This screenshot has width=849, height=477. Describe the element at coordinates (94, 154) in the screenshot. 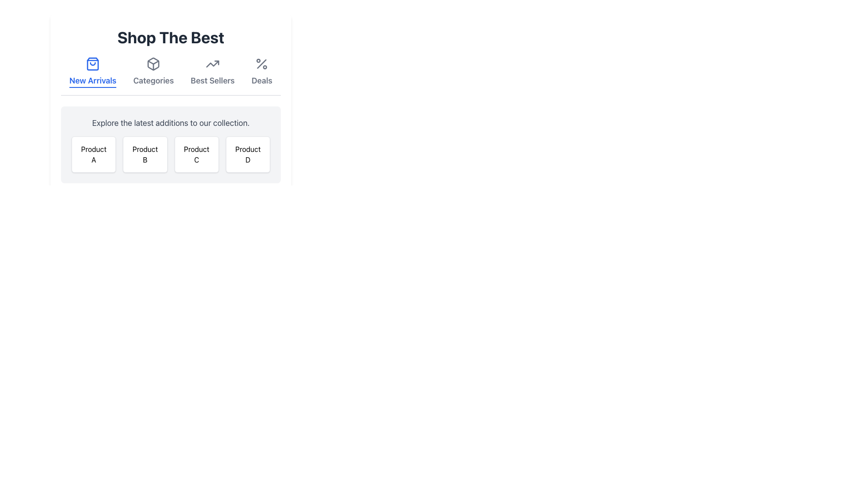

I see `the display card for 'Product A', which is the first item in the grid under the section 'Explore the latest additions to our collection.'` at that location.